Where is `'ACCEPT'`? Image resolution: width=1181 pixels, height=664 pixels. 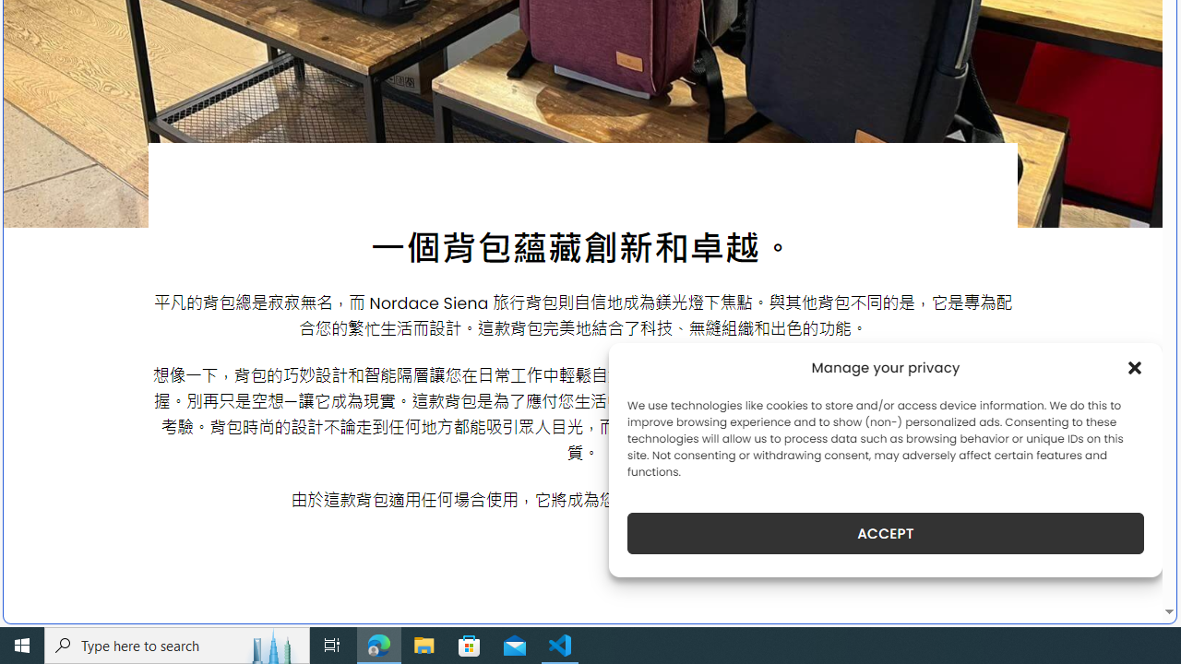
'ACCEPT' is located at coordinates (886, 533).